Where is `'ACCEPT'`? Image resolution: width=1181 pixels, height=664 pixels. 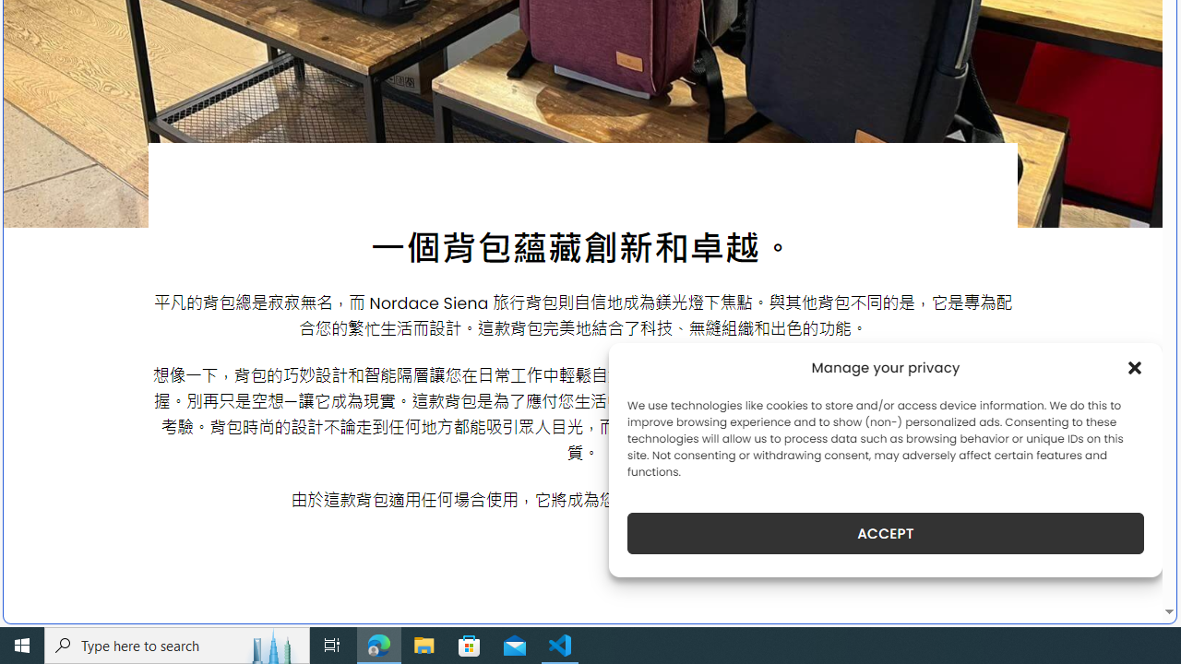
'ACCEPT' is located at coordinates (886, 533).